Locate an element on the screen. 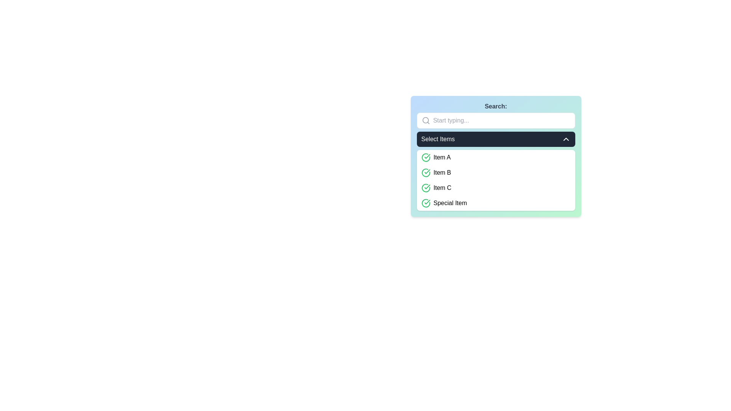 The height and width of the screenshot is (411, 731). the circular Graphic icon with a light border, part of the 'Select Items' list, indicating interactive functionality is located at coordinates (425, 202).